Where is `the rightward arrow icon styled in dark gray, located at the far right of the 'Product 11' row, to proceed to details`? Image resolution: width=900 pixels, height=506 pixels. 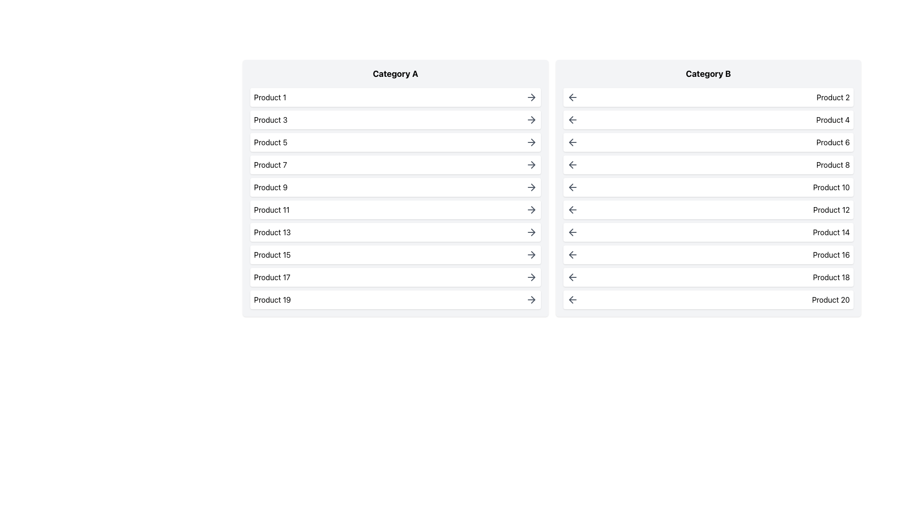
the rightward arrow icon styled in dark gray, located at the far right of the 'Product 11' row, to proceed to details is located at coordinates (531, 209).